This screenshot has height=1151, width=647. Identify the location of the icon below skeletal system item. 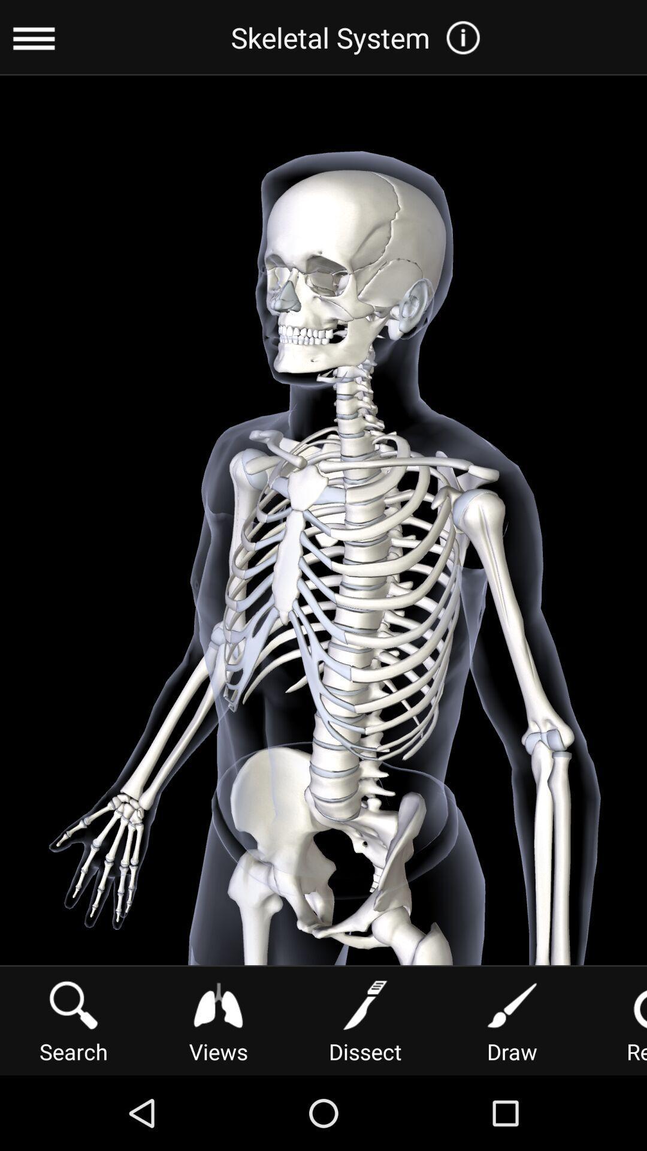
(218, 1019).